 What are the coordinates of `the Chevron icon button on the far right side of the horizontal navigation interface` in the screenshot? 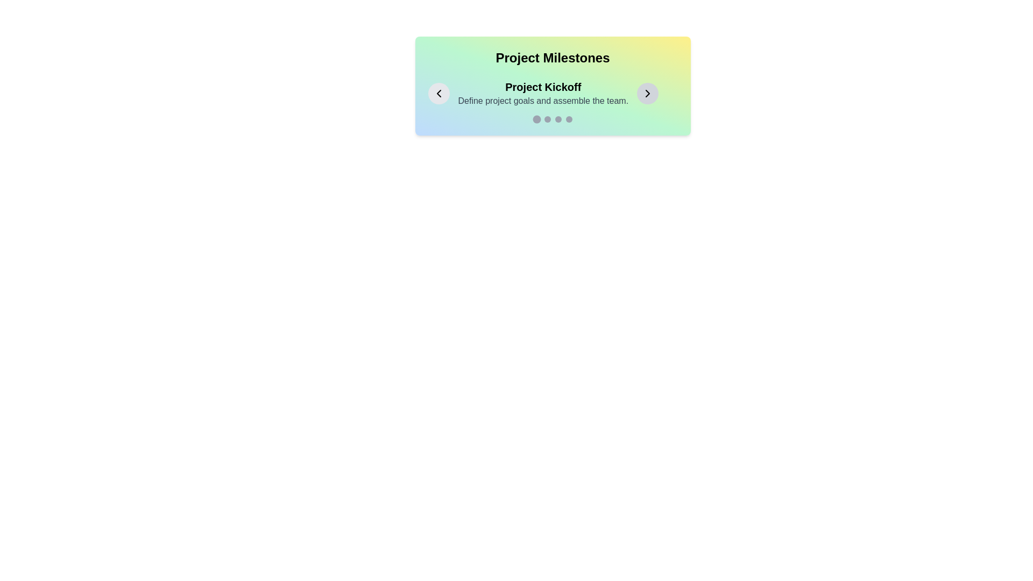 It's located at (647, 93).